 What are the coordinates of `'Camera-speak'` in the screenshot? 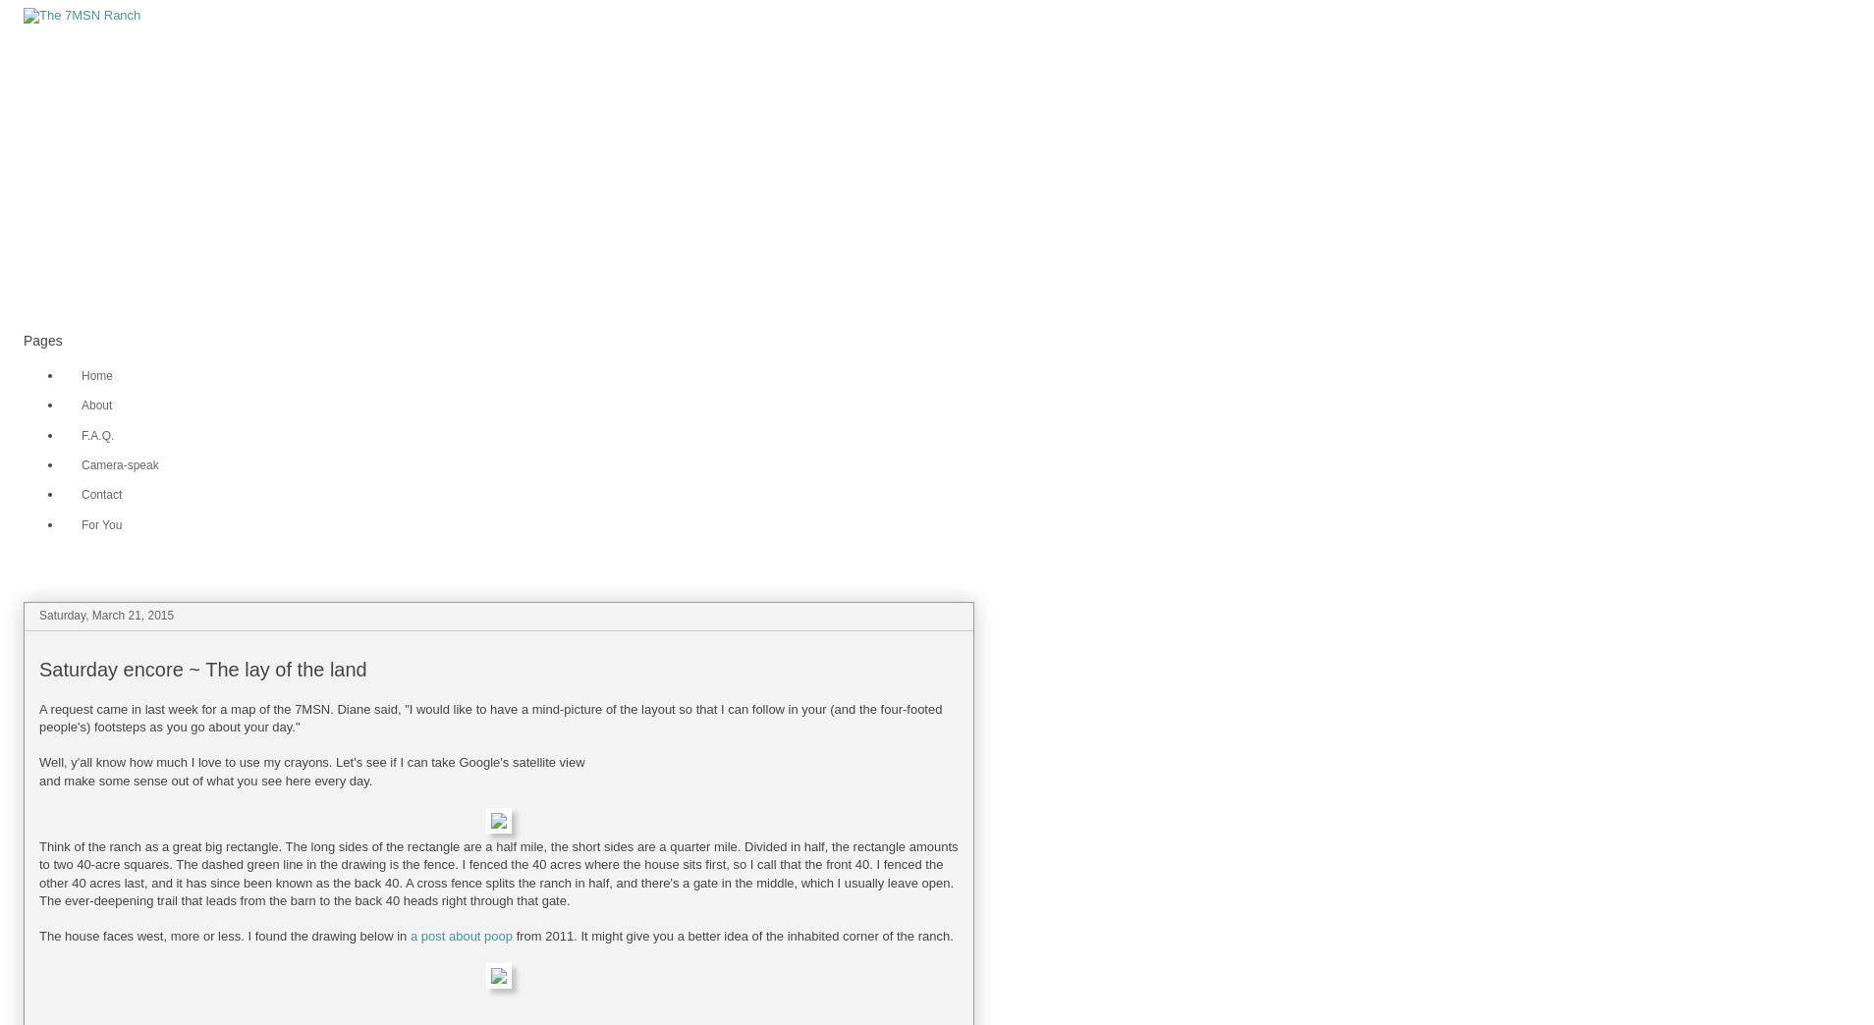 It's located at (118, 464).